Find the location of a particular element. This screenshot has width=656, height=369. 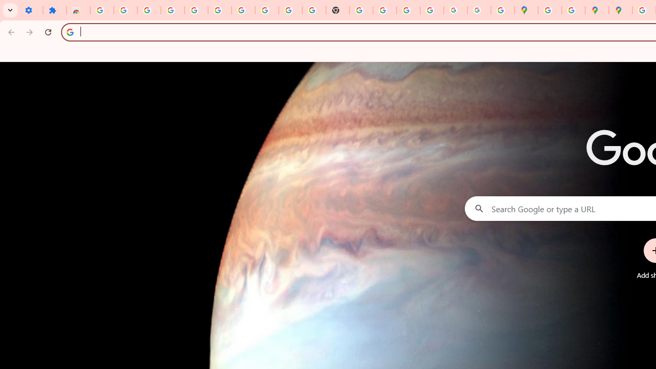

'Safety in Our Products - Google Safety Center' is located at coordinates (572, 10).